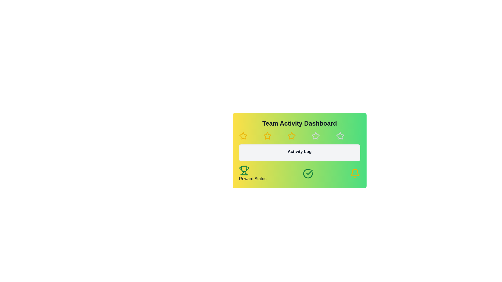 The height and width of the screenshot is (282, 502). I want to click on the second star-shaped icon from the left in a row of five stars on the 'Team Activity Dashboard', so click(267, 136).